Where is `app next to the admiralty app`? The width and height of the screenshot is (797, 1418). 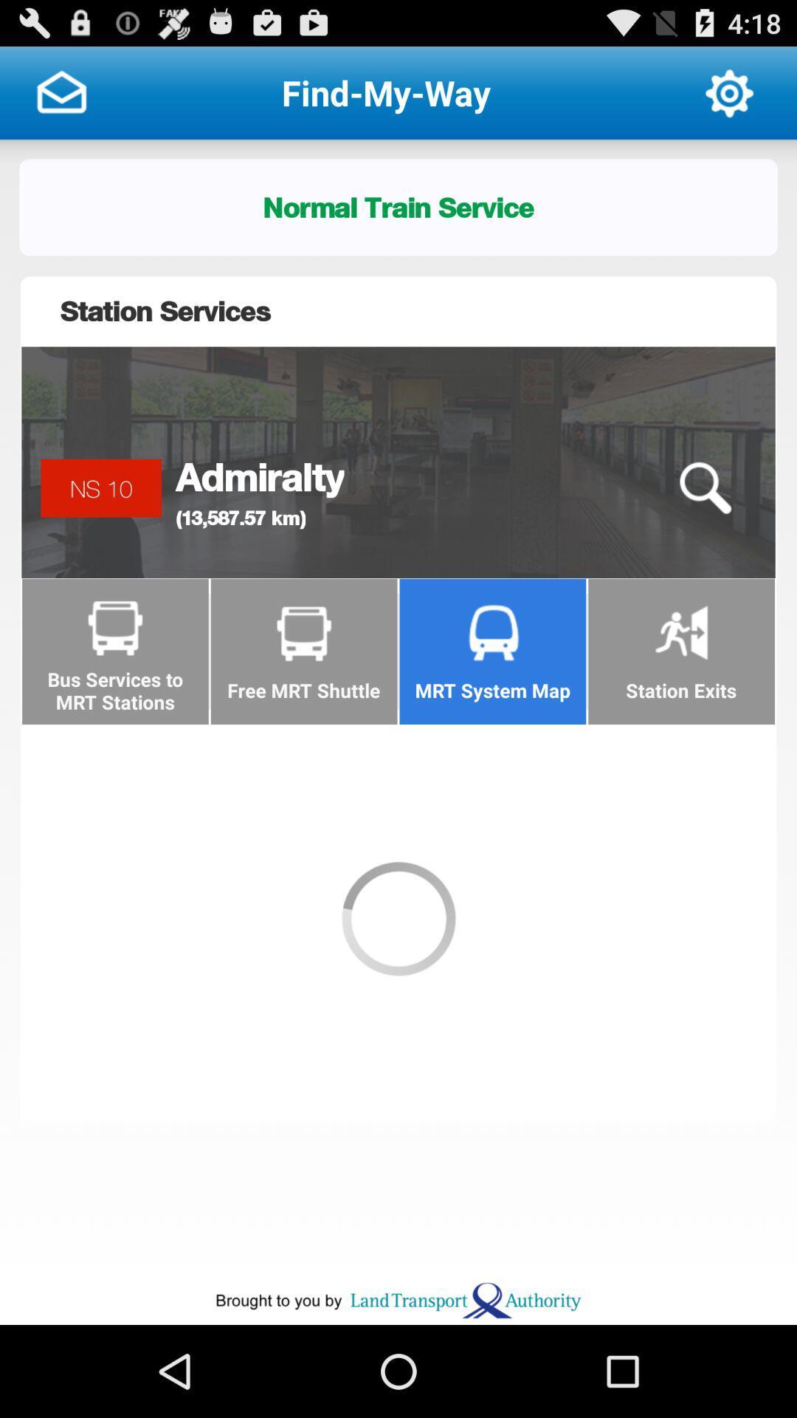 app next to the admiralty app is located at coordinates (704, 488).